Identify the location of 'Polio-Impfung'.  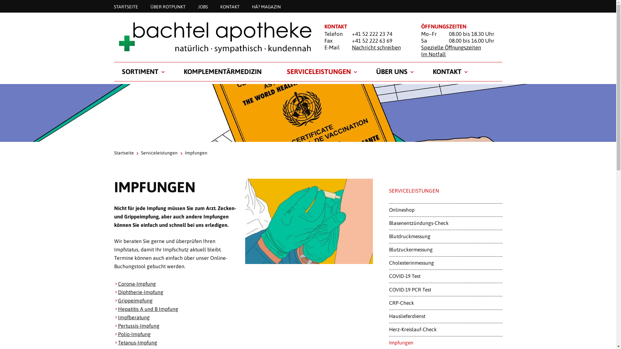
(134, 334).